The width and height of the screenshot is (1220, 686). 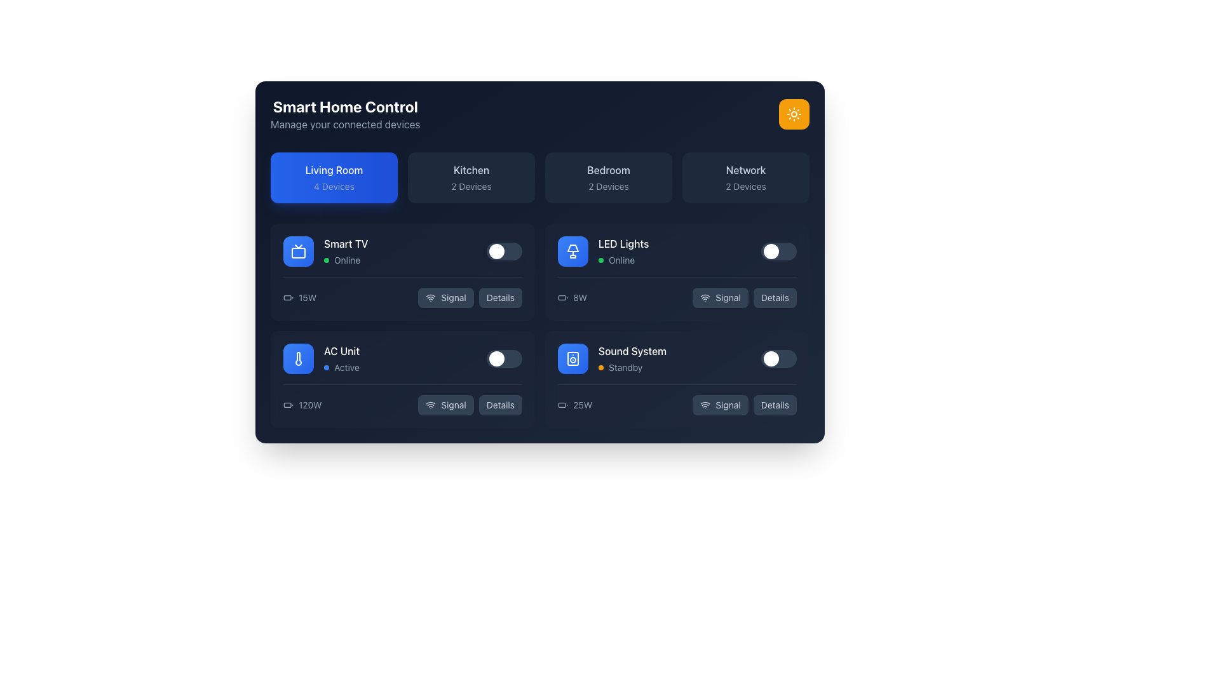 What do you see at coordinates (471, 178) in the screenshot?
I see `the 'Kitchen' button, which is a rectangular button with rounded corners, dark slate background, and contains the text 'Kitchen' and '2 Devices'` at bounding box center [471, 178].